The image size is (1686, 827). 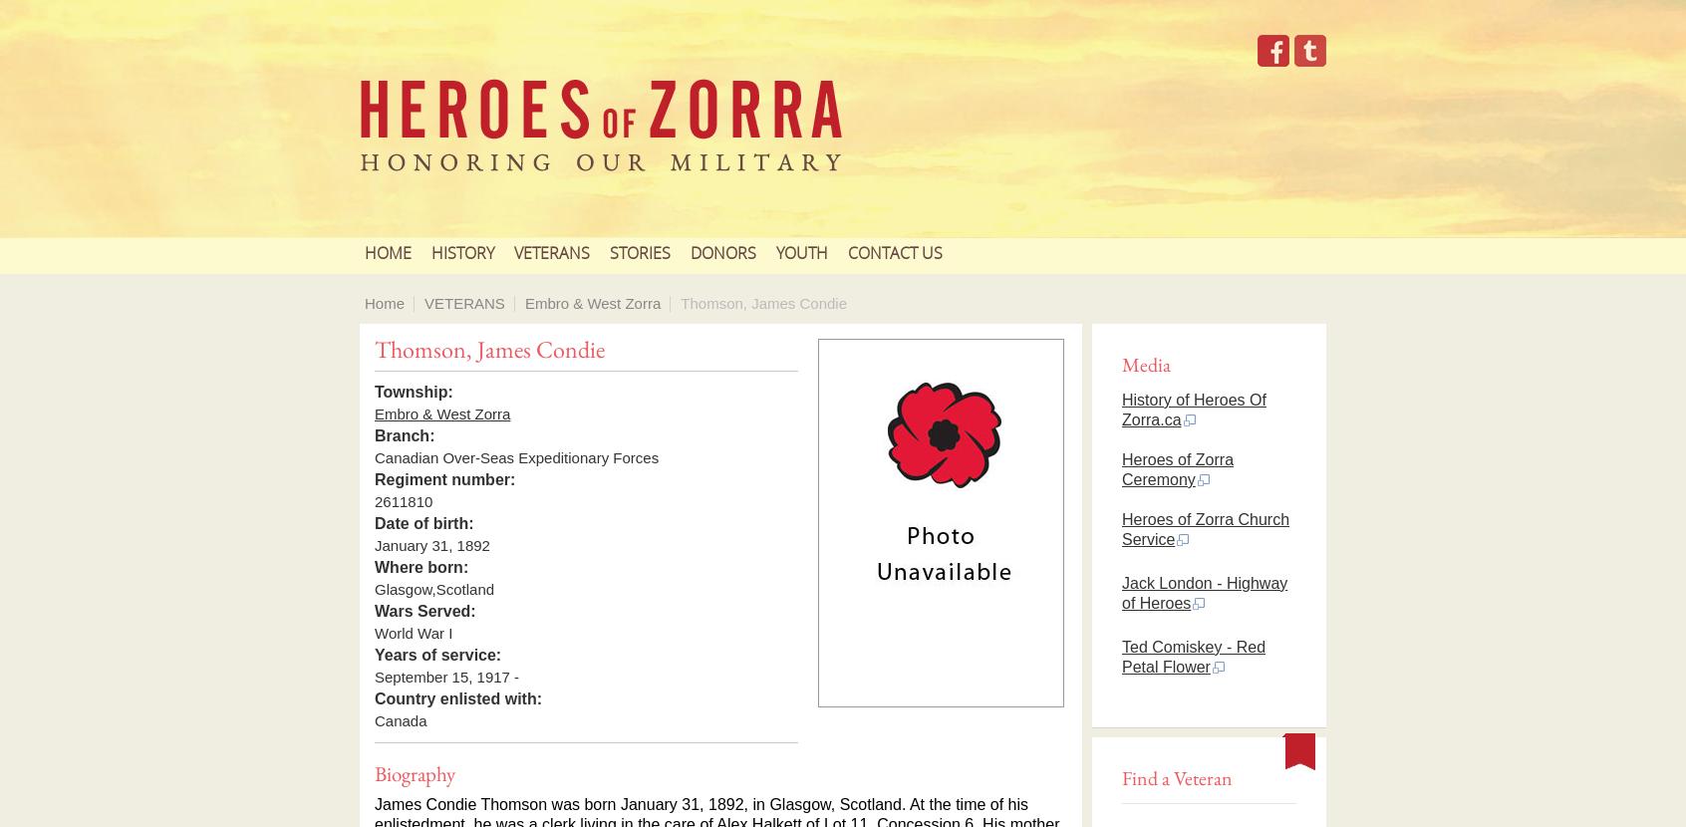 What do you see at coordinates (374, 611) in the screenshot?
I see `'Wars Served:'` at bounding box center [374, 611].